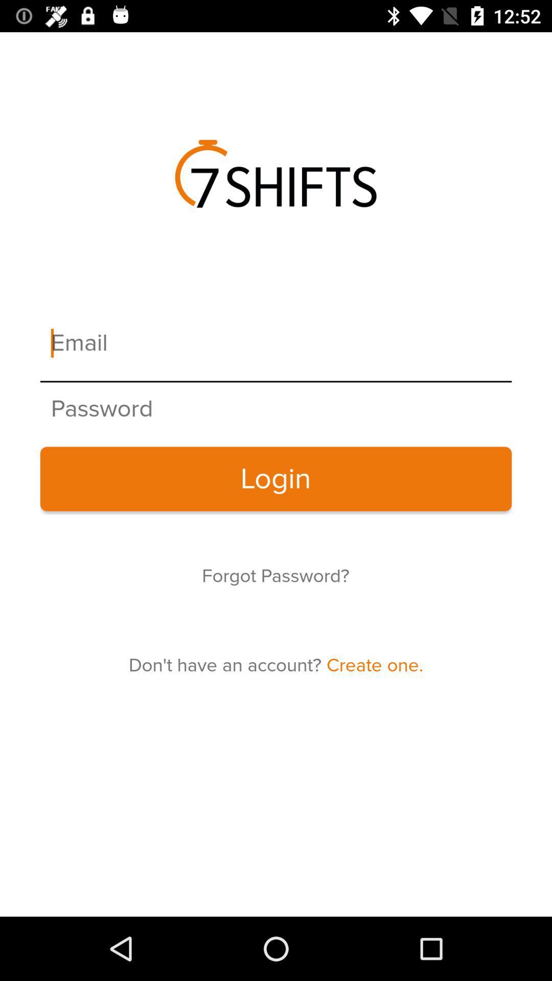 This screenshot has width=552, height=981. I want to click on insert email, so click(276, 343).